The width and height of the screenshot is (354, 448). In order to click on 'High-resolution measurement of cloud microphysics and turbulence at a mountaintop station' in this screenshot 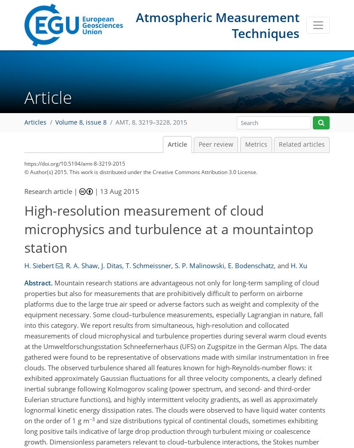, I will do `click(168, 228)`.